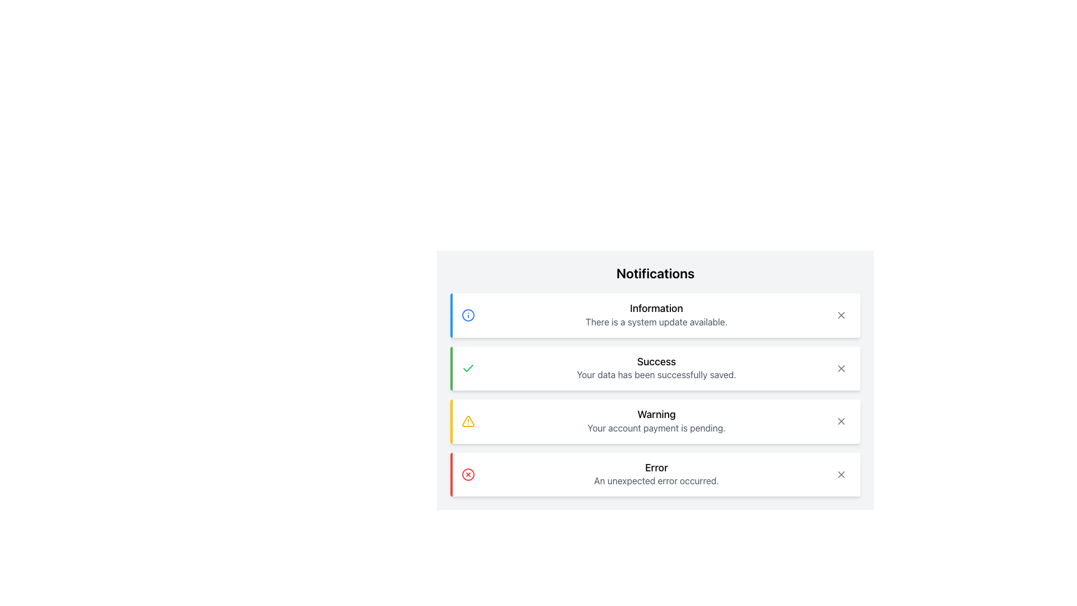 The height and width of the screenshot is (606, 1077). What do you see at coordinates (841, 368) in the screenshot?
I see `the close icon in the top-right corner of the 'Success' notification to trigger the hover effect` at bounding box center [841, 368].